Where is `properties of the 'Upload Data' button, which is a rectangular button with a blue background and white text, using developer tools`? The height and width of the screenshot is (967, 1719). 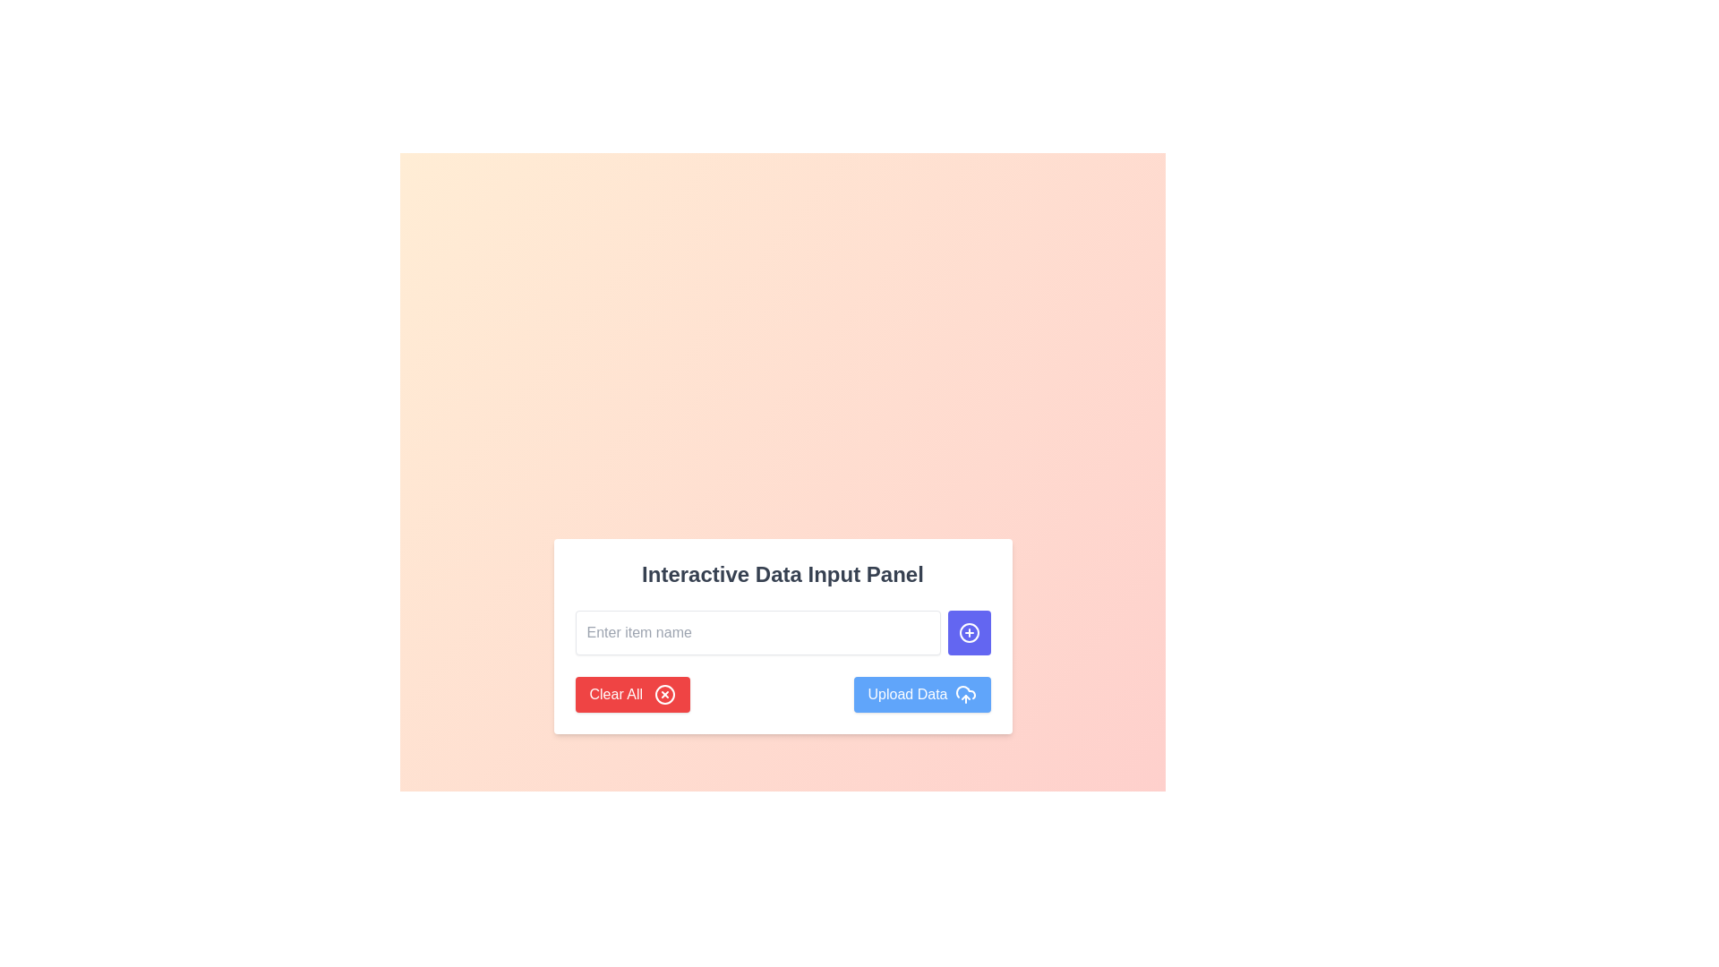
properties of the 'Upload Data' button, which is a rectangular button with a blue background and white text, using developer tools is located at coordinates (922, 693).